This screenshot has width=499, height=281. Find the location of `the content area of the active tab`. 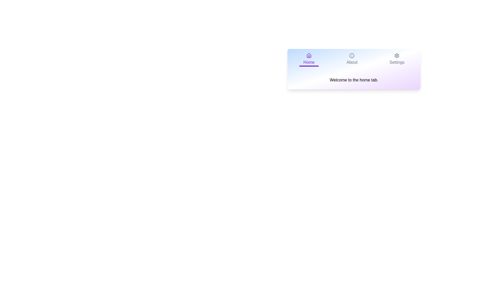

the content area of the active tab is located at coordinates (354, 80).